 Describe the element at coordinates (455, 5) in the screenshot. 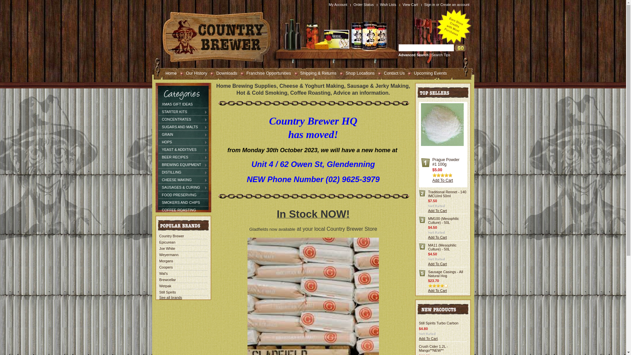

I see `'Create an account'` at that location.